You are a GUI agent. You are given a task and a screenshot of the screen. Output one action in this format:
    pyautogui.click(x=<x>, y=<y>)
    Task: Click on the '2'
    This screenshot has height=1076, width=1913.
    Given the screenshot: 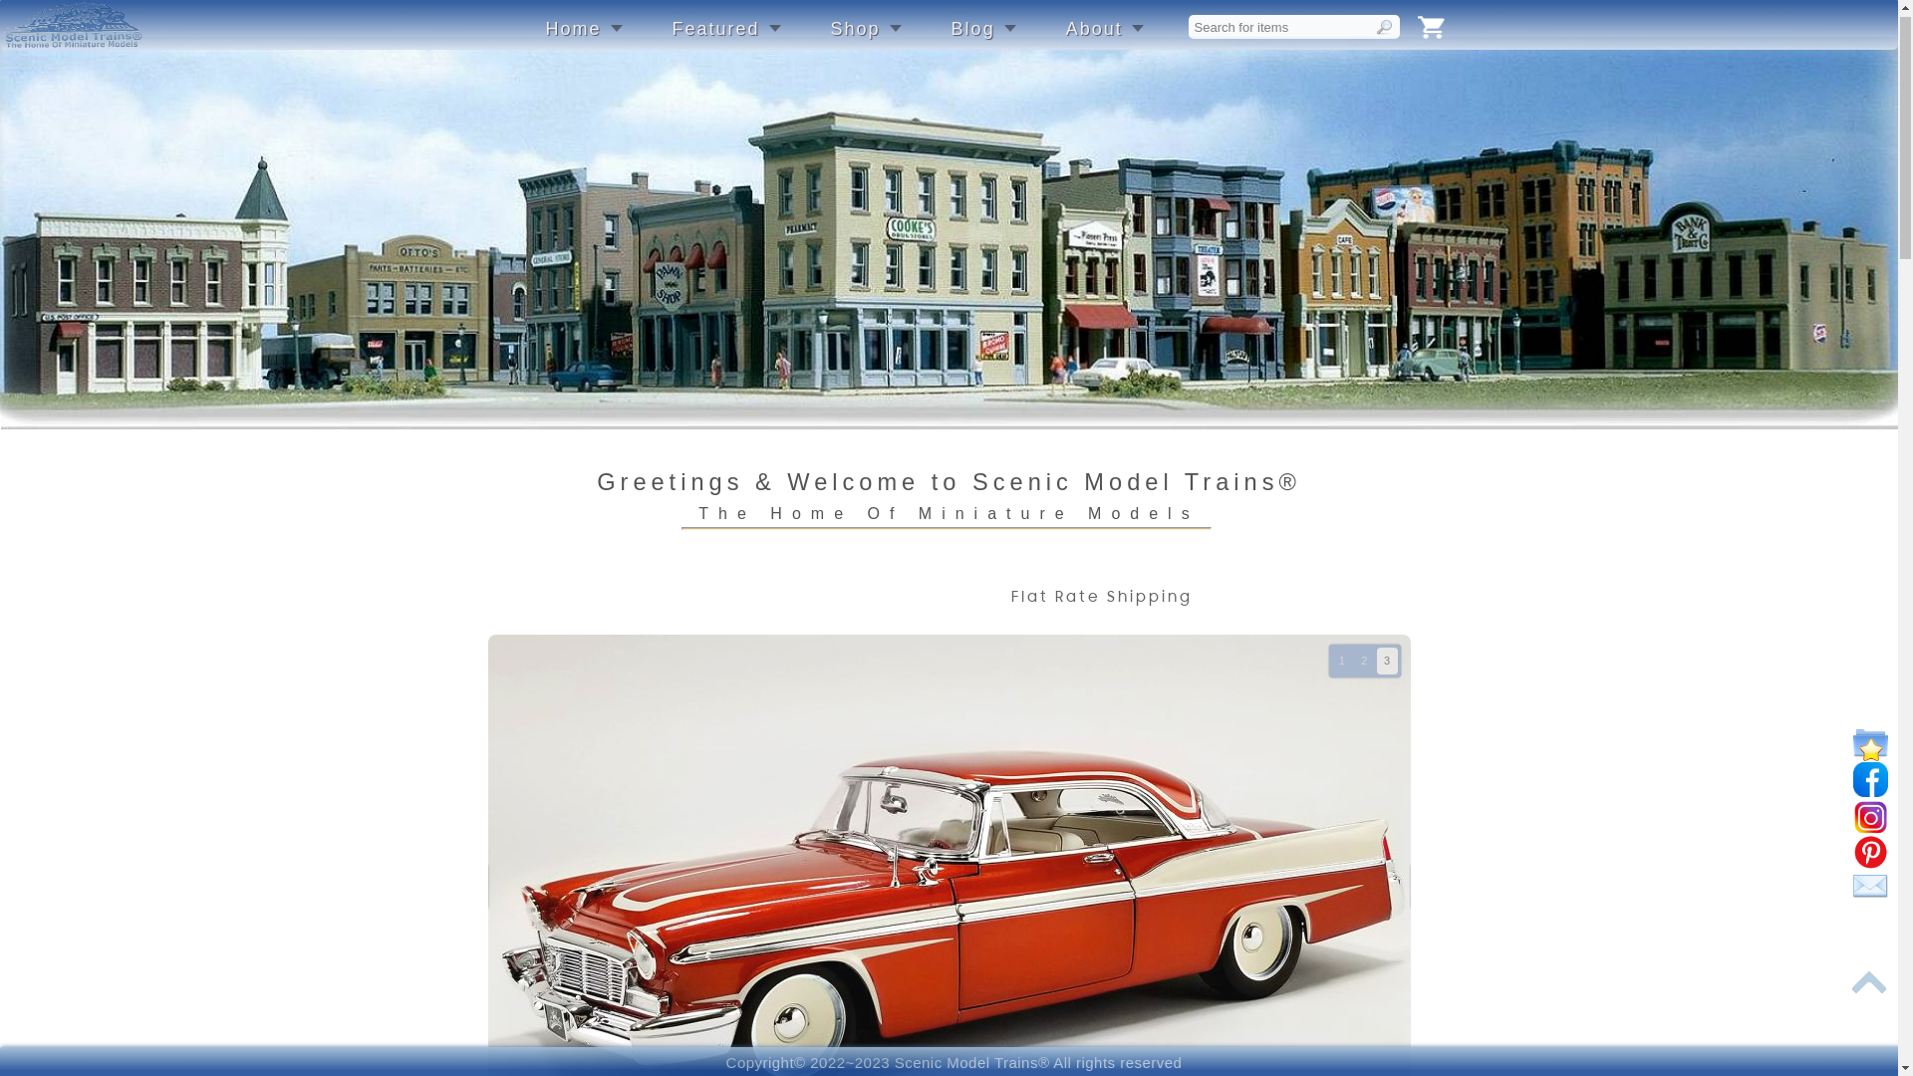 What is the action you would take?
    pyautogui.click(x=1363, y=671)
    